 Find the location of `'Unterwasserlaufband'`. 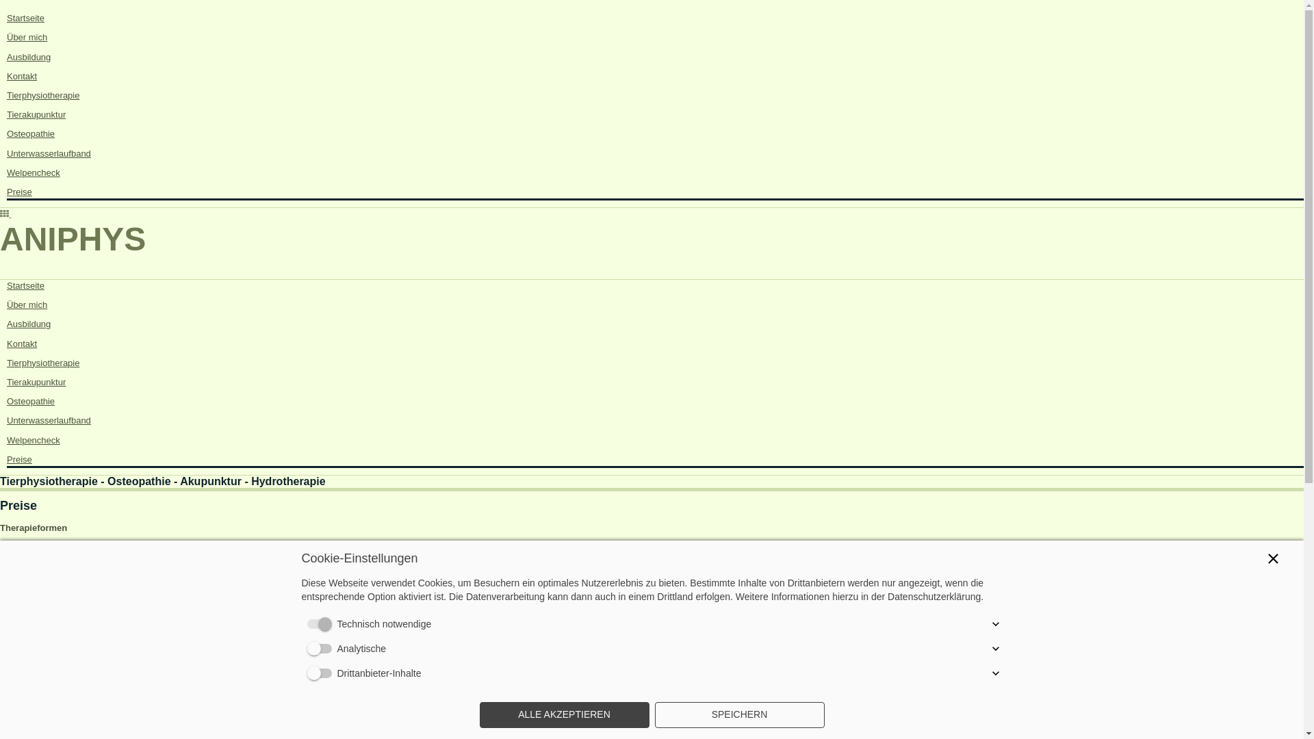

'Unterwasserlaufband' is located at coordinates (49, 153).